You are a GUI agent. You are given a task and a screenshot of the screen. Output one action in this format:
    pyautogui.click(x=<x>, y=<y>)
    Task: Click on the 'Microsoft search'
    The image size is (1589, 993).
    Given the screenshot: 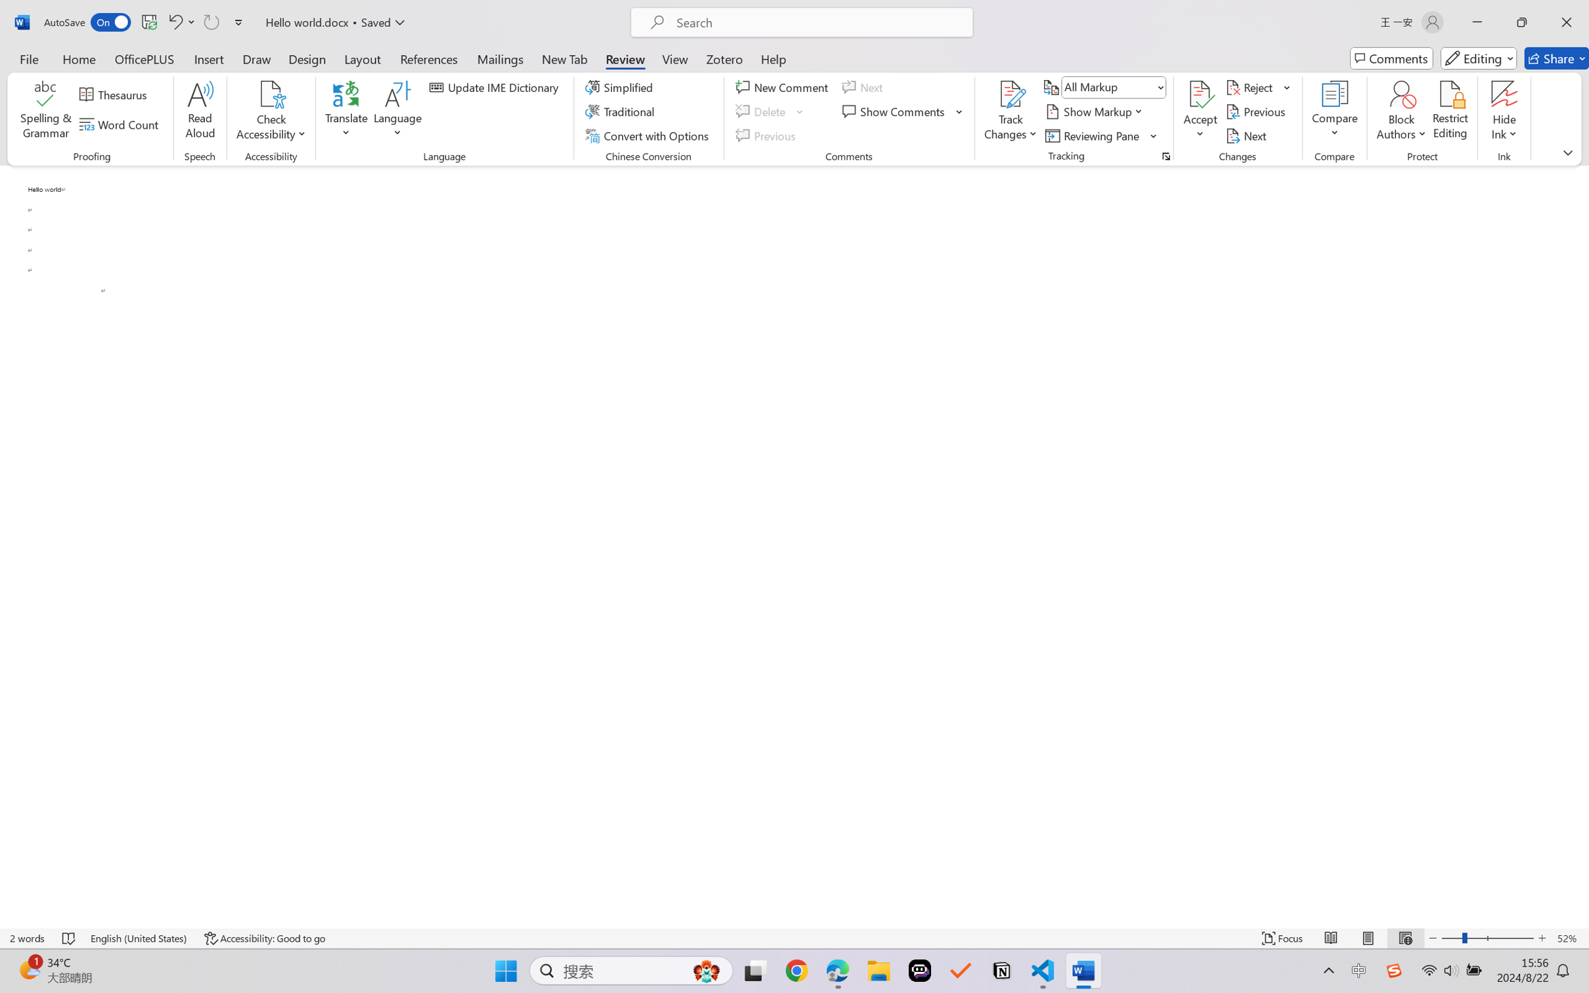 What is the action you would take?
    pyautogui.click(x=818, y=22)
    